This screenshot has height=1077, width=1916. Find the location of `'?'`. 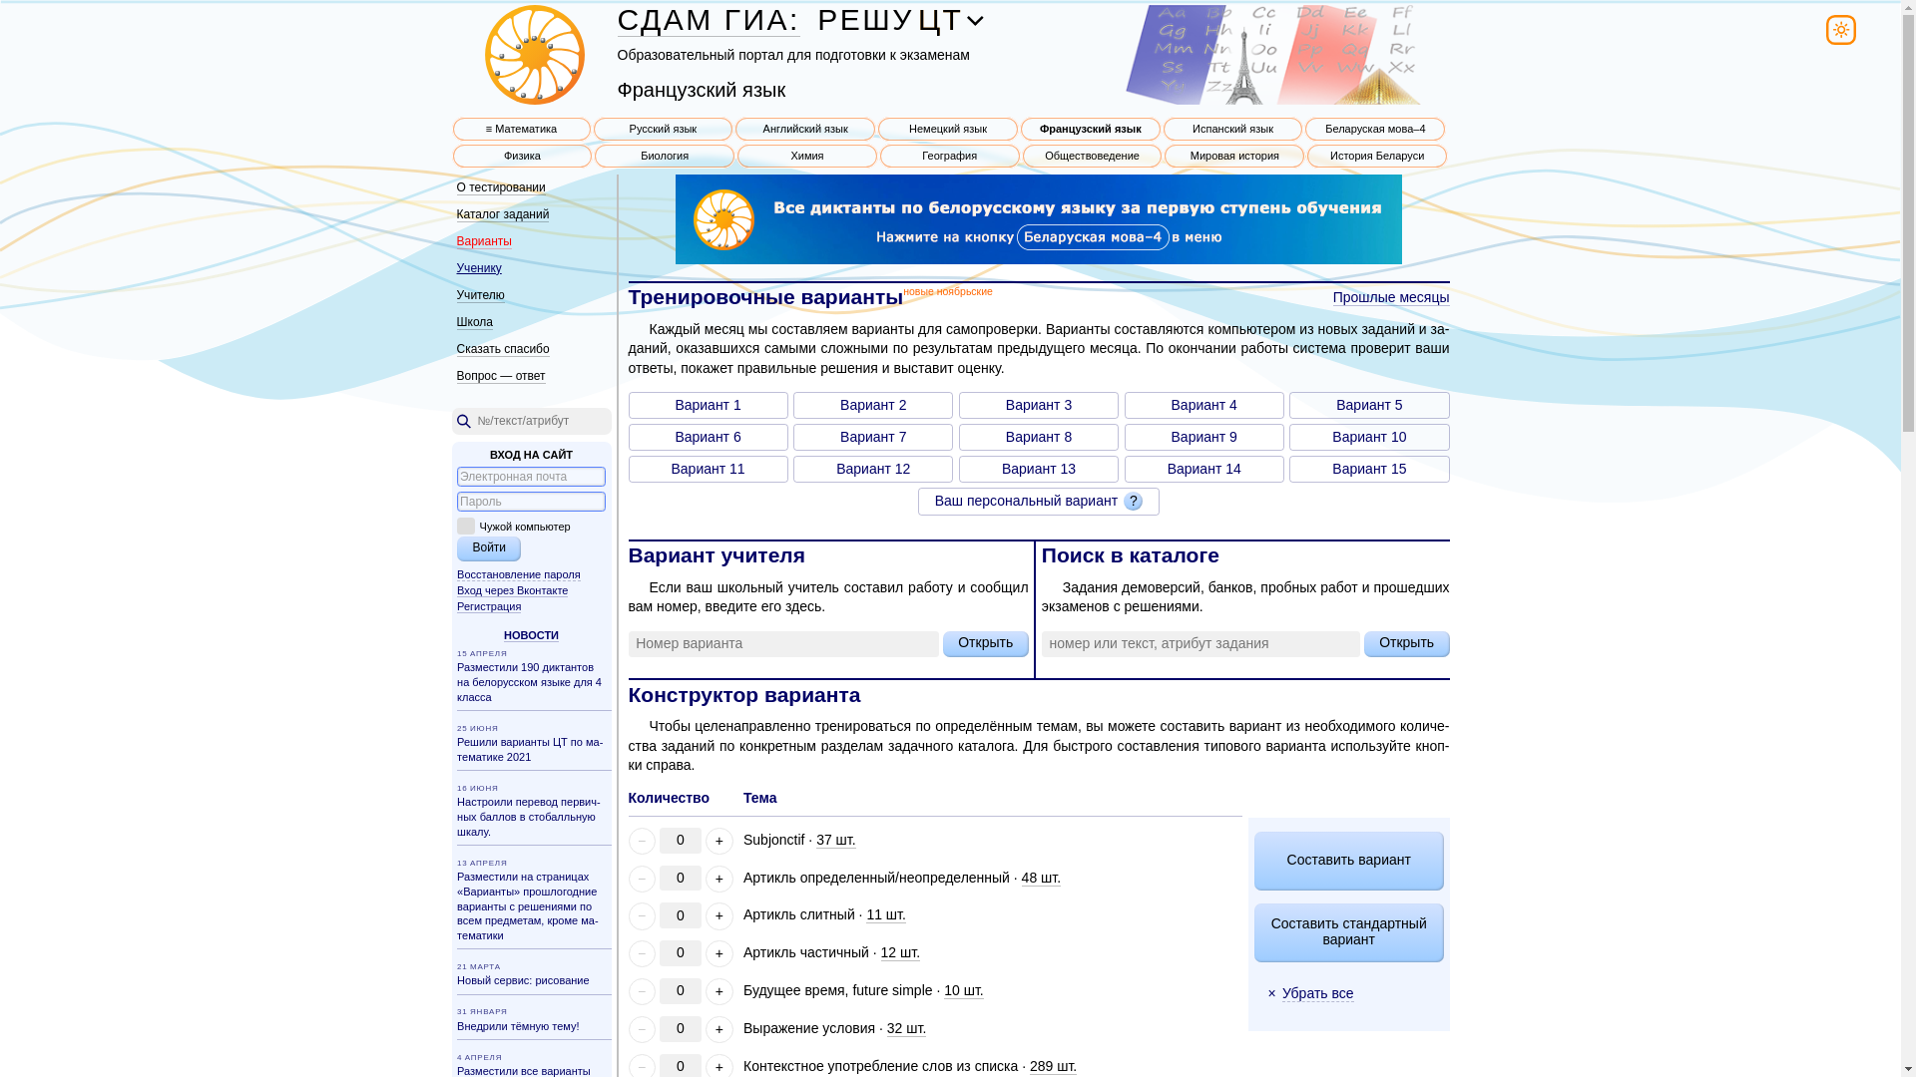

'?' is located at coordinates (1124, 500).